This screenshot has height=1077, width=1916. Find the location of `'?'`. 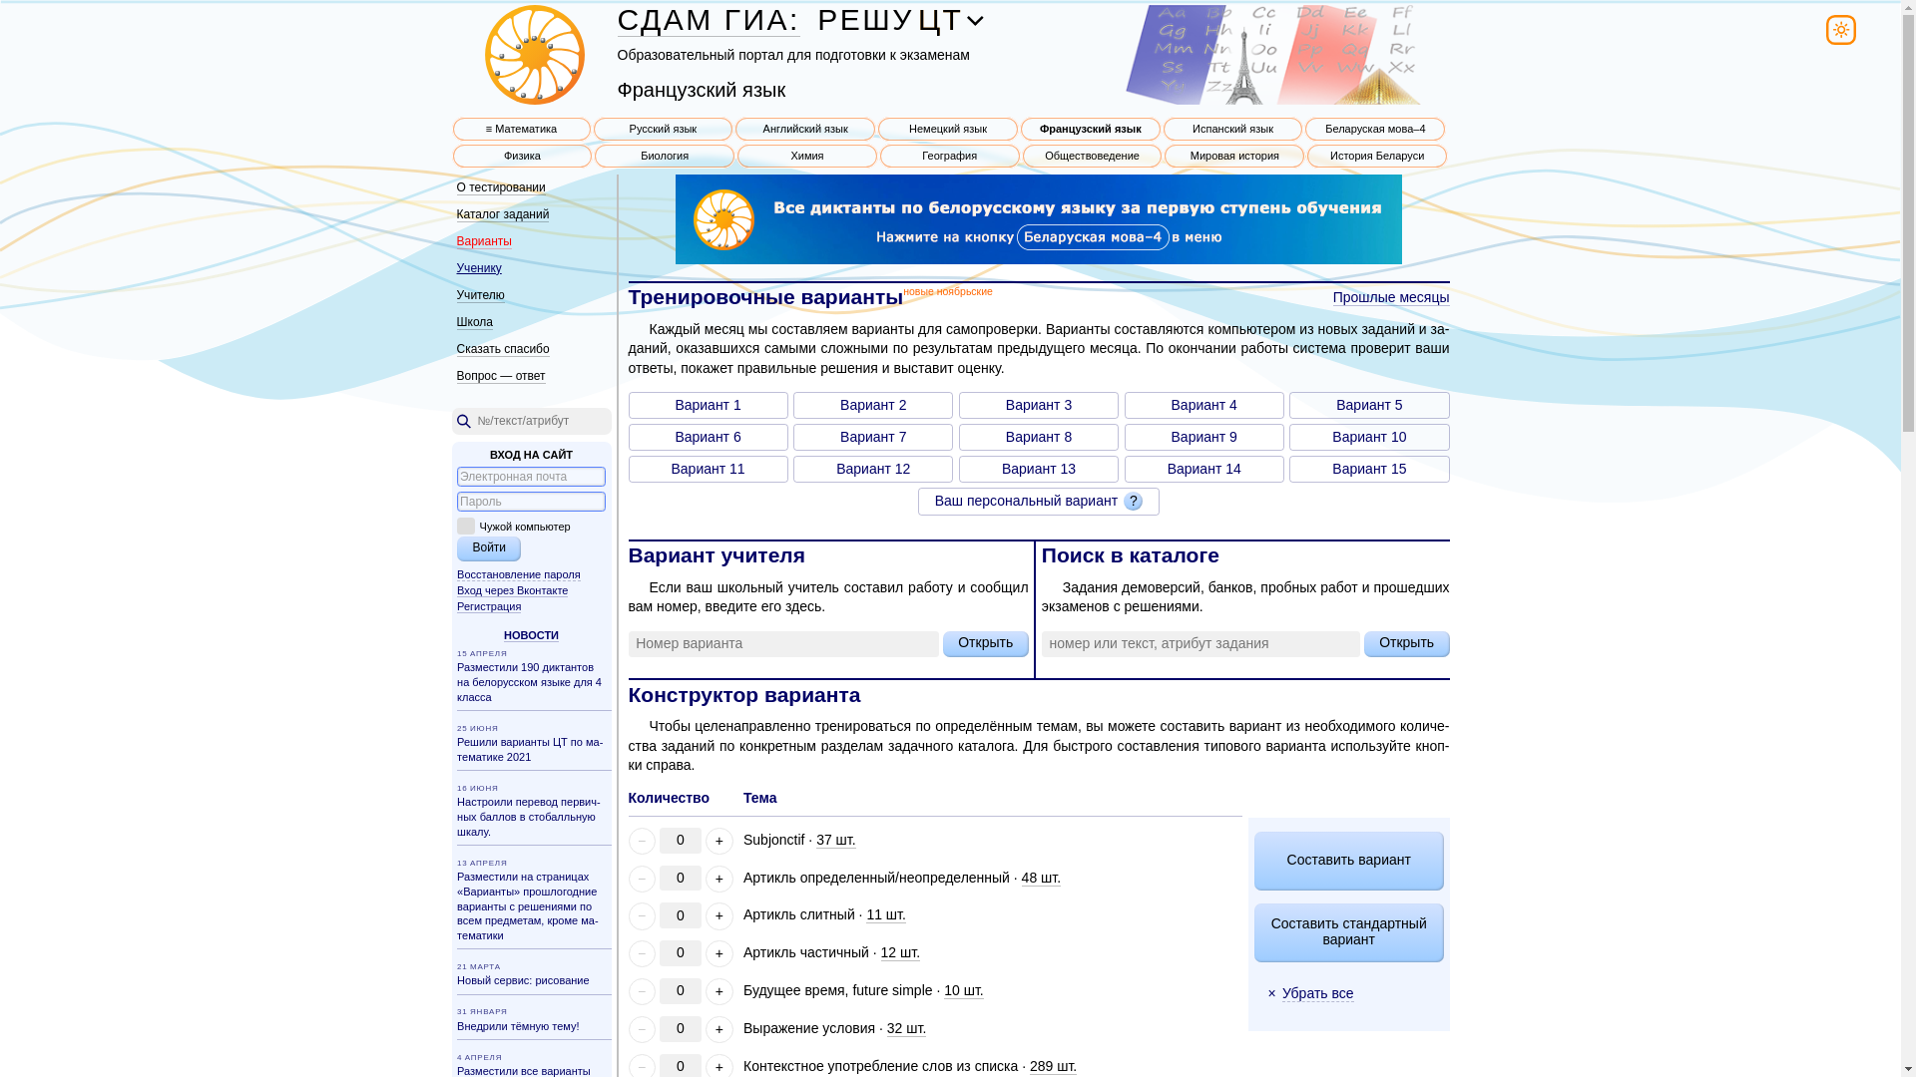

'?' is located at coordinates (1124, 500).